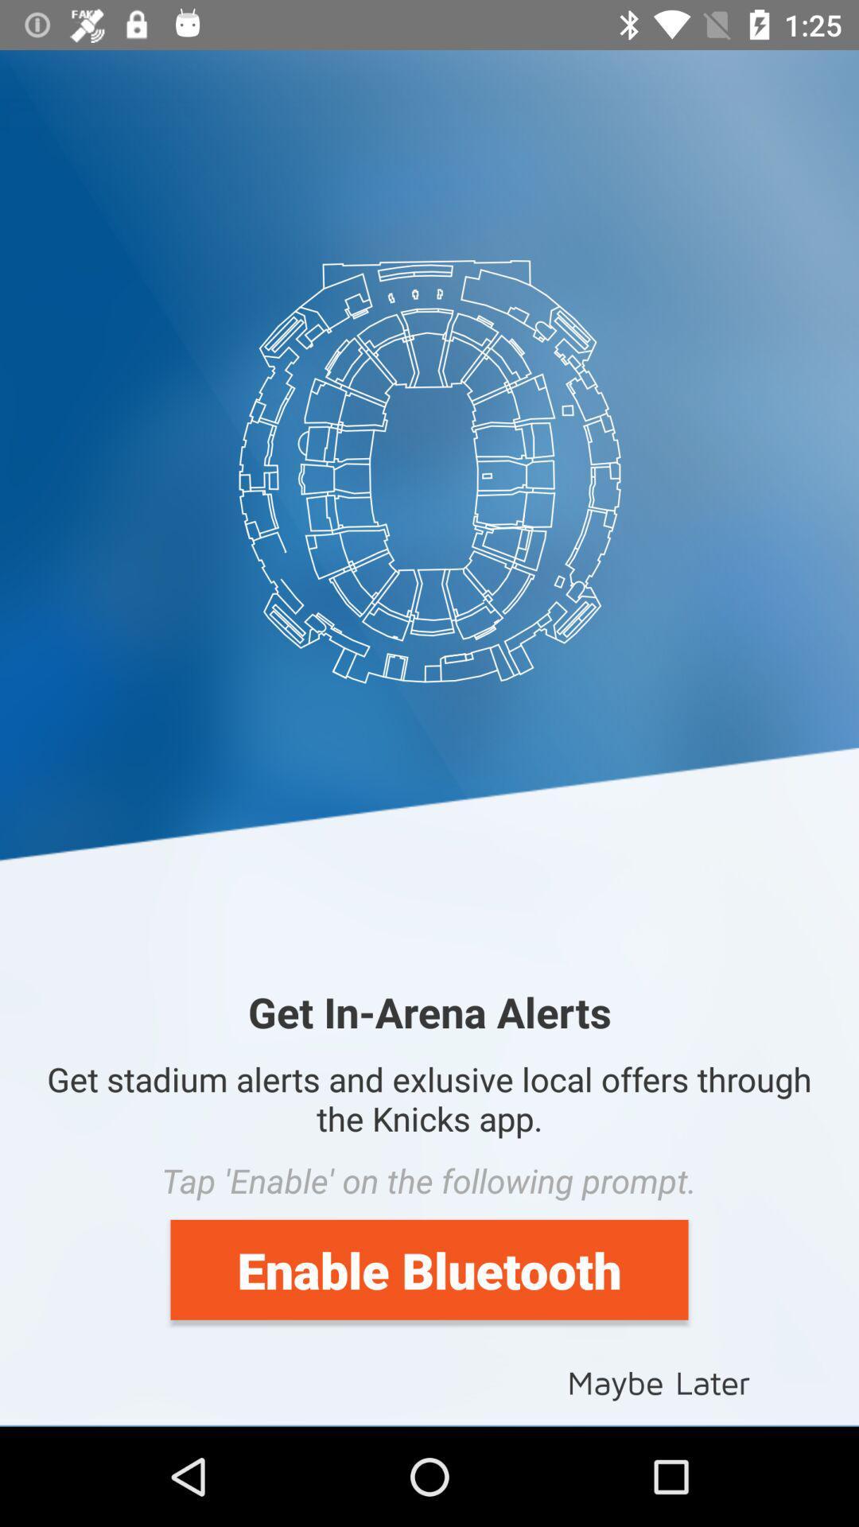 The width and height of the screenshot is (859, 1527). What do you see at coordinates (429, 1269) in the screenshot?
I see `enable bluetooth icon` at bounding box center [429, 1269].